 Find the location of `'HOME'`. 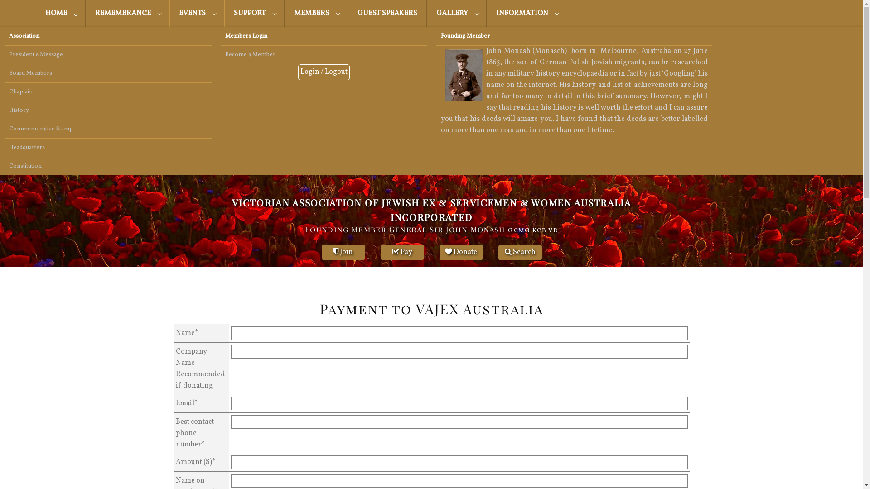

'HOME' is located at coordinates (60, 14).